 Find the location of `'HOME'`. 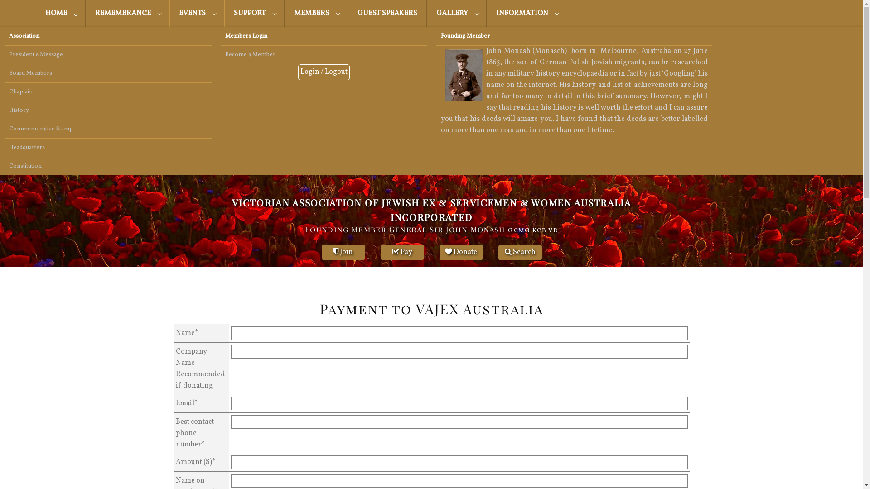

'HOME' is located at coordinates (60, 14).